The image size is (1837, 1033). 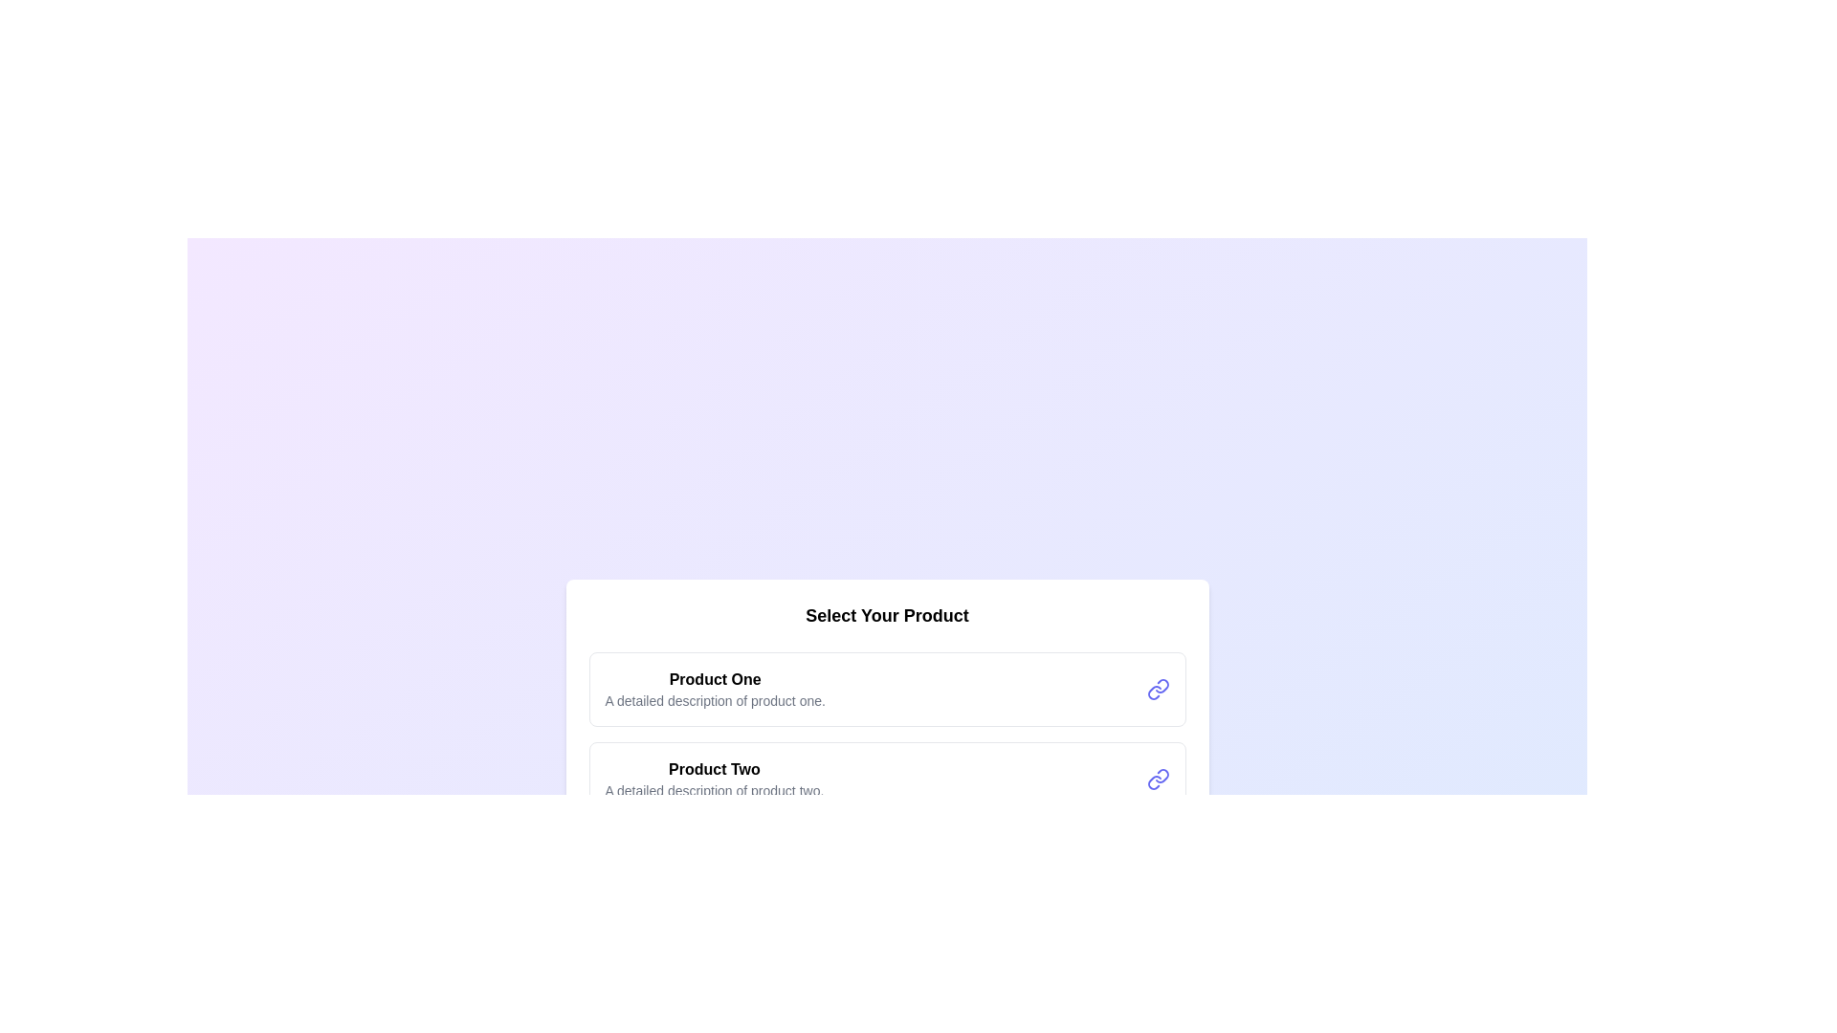 What do you see at coordinates (713, 779) in the screenshot?
I see `the Textual content block displaying the product name and description for 'Product Two', which is located below 'Product One' and above the 'Learn More' link` at bounding box center [713, 779].